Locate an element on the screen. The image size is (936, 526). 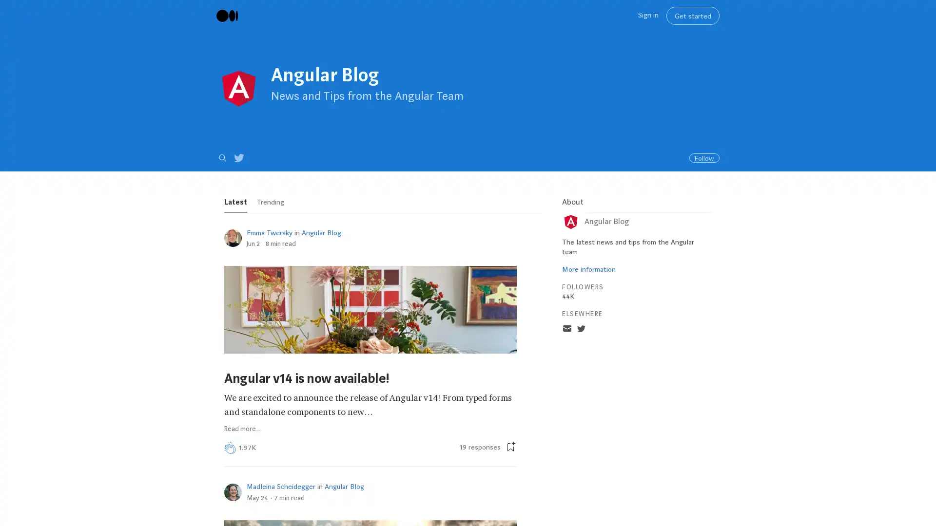
1.97K is located at coordinates (247, 448).